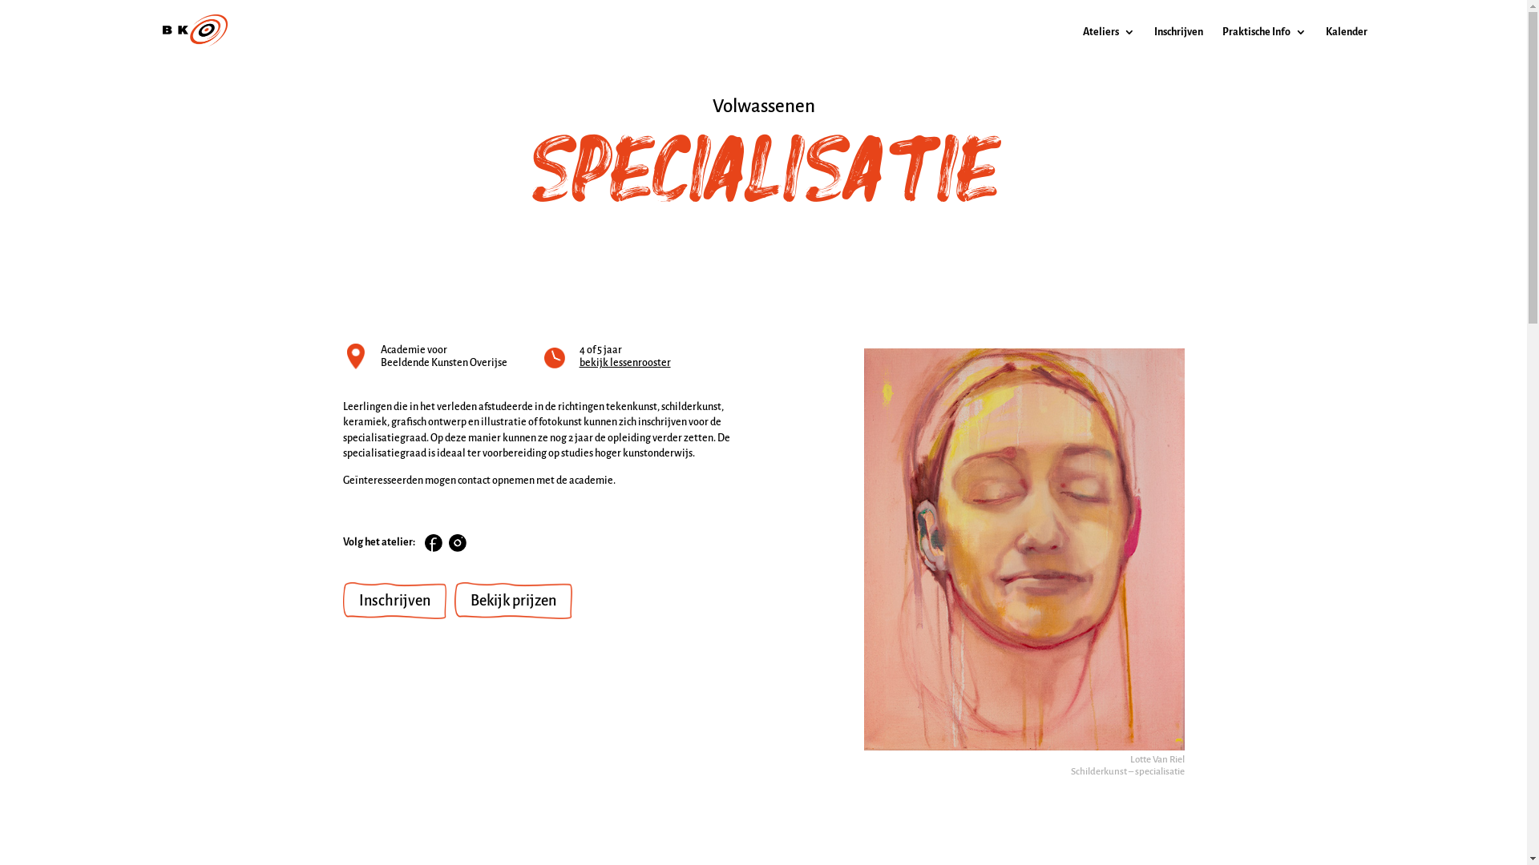 The height and width of the screenshot is (865, 1539). I want to click on 'Beeldende Kunsten Overijse', so click(379, 362).